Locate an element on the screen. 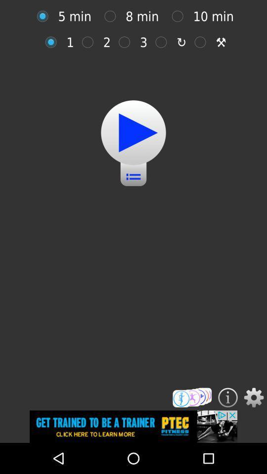 The image size is (267, 474). 8 minutes option is located at coordinates (112, 16).